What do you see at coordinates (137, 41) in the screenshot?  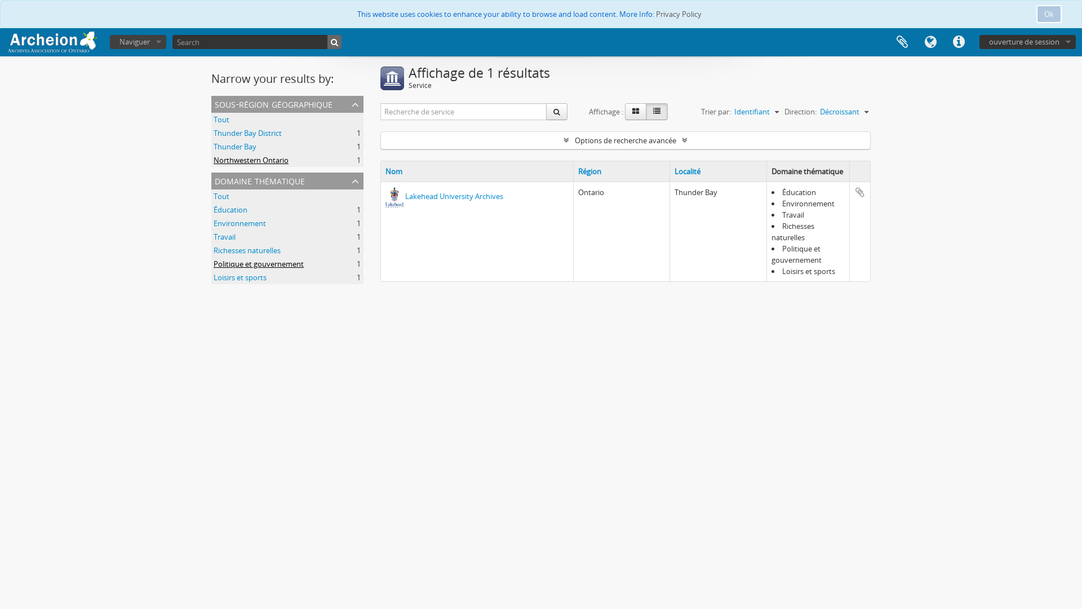 I see `'Naviguer'` at bounding box center [137, 41].